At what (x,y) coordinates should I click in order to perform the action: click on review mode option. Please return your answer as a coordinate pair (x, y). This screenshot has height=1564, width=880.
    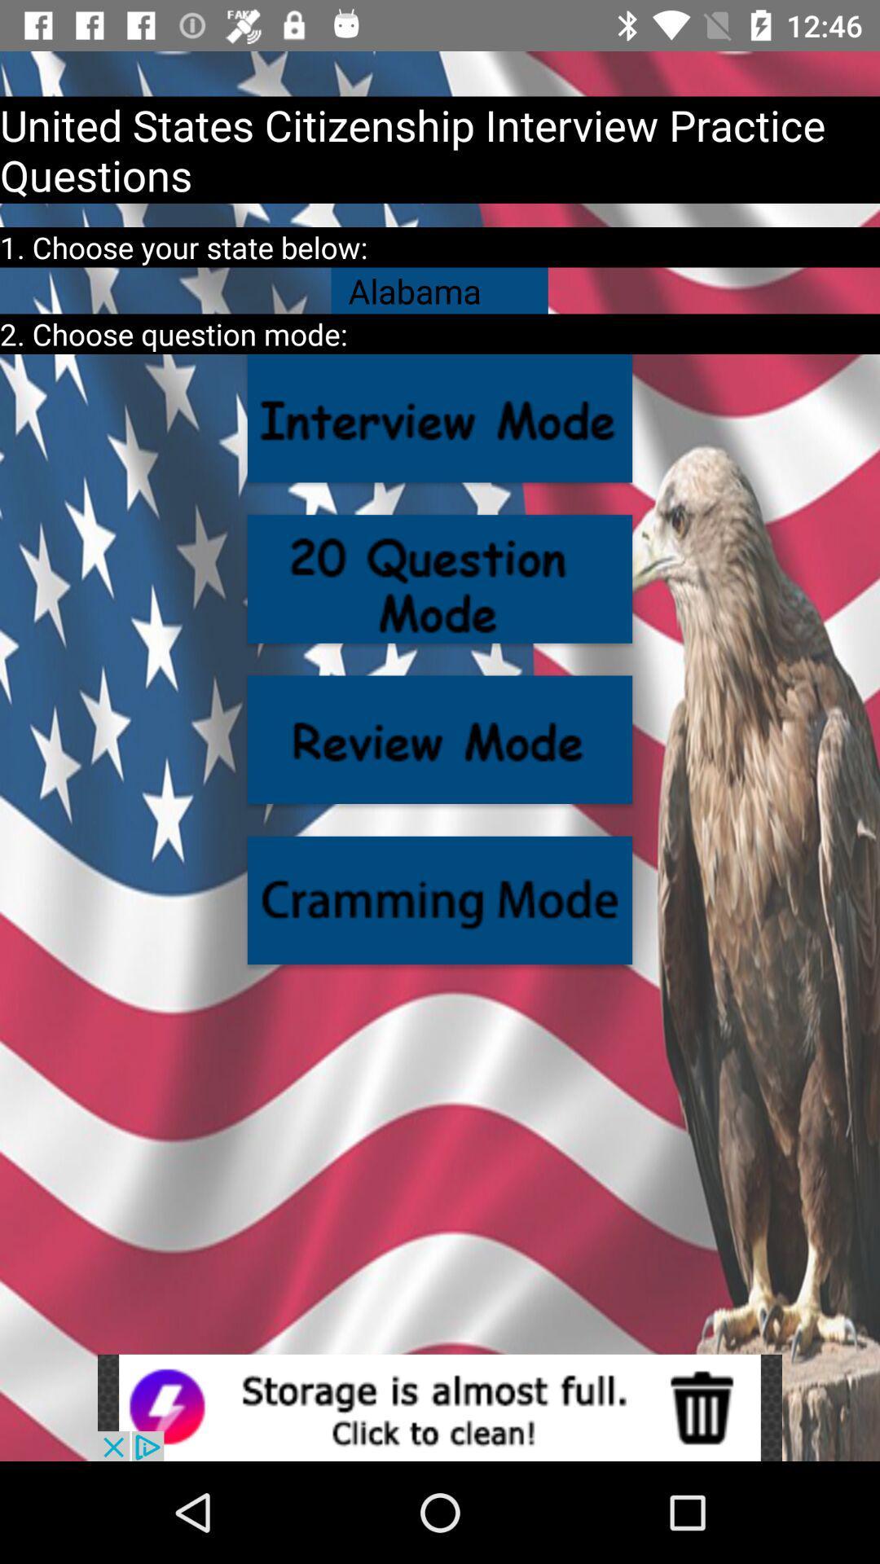
    Looking at the image, I should click on (440, 739).